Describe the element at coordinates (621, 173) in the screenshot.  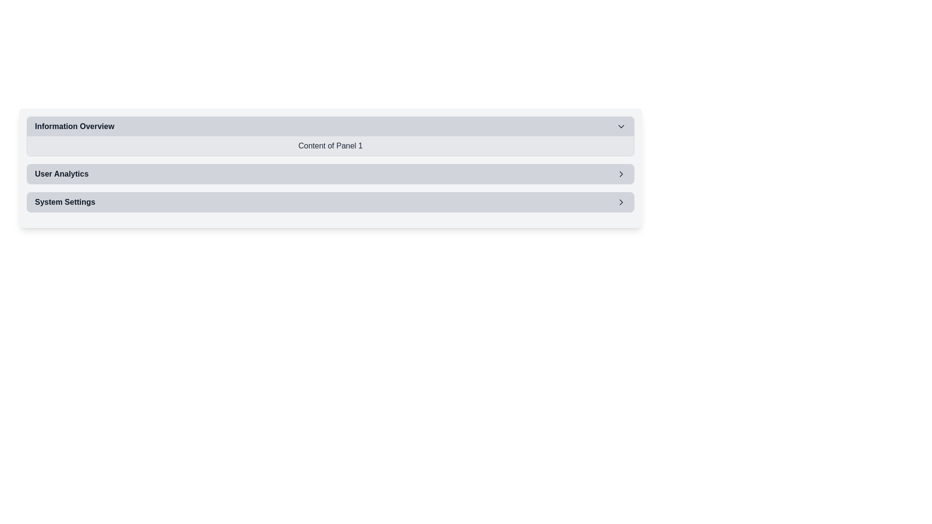
I see `the right-chevron icon indicating expandable options within the collapsible menu next to 'User Analytics'` at that location.